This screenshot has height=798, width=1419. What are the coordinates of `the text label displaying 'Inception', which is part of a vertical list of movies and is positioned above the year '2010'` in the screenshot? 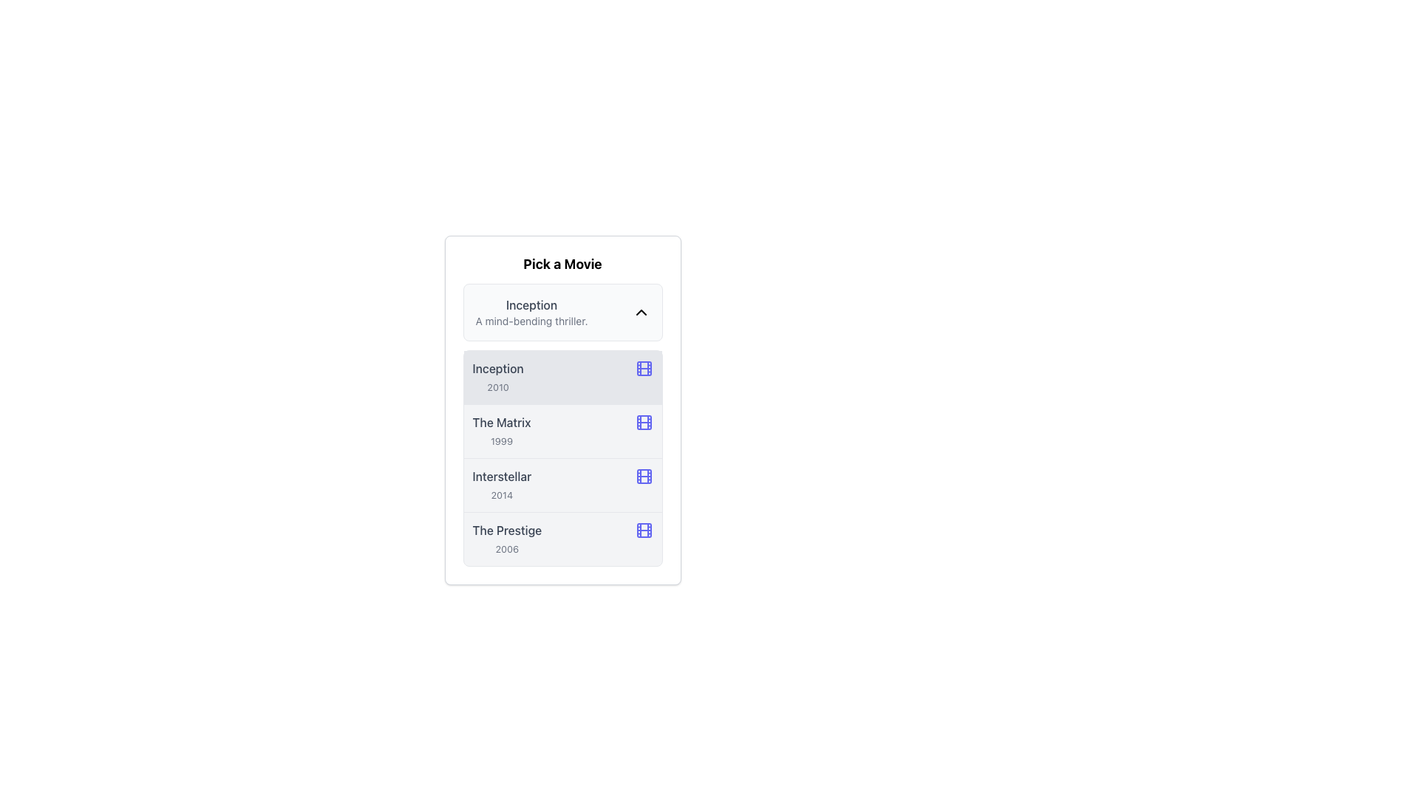 It's located at (498, 367).